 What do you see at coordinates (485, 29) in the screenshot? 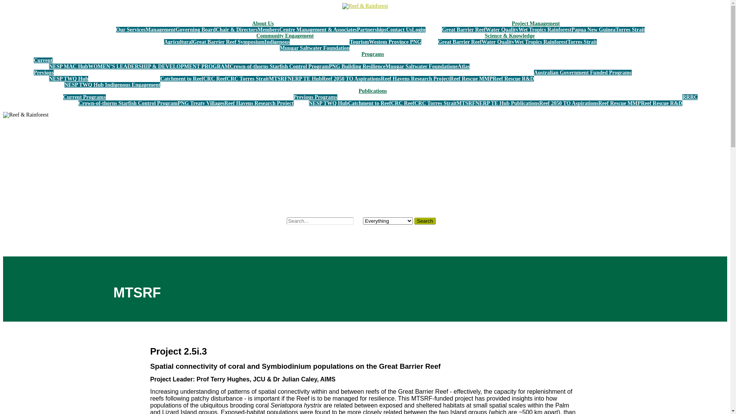
I see `'Water Quality'` at bounding box center [485, 29].